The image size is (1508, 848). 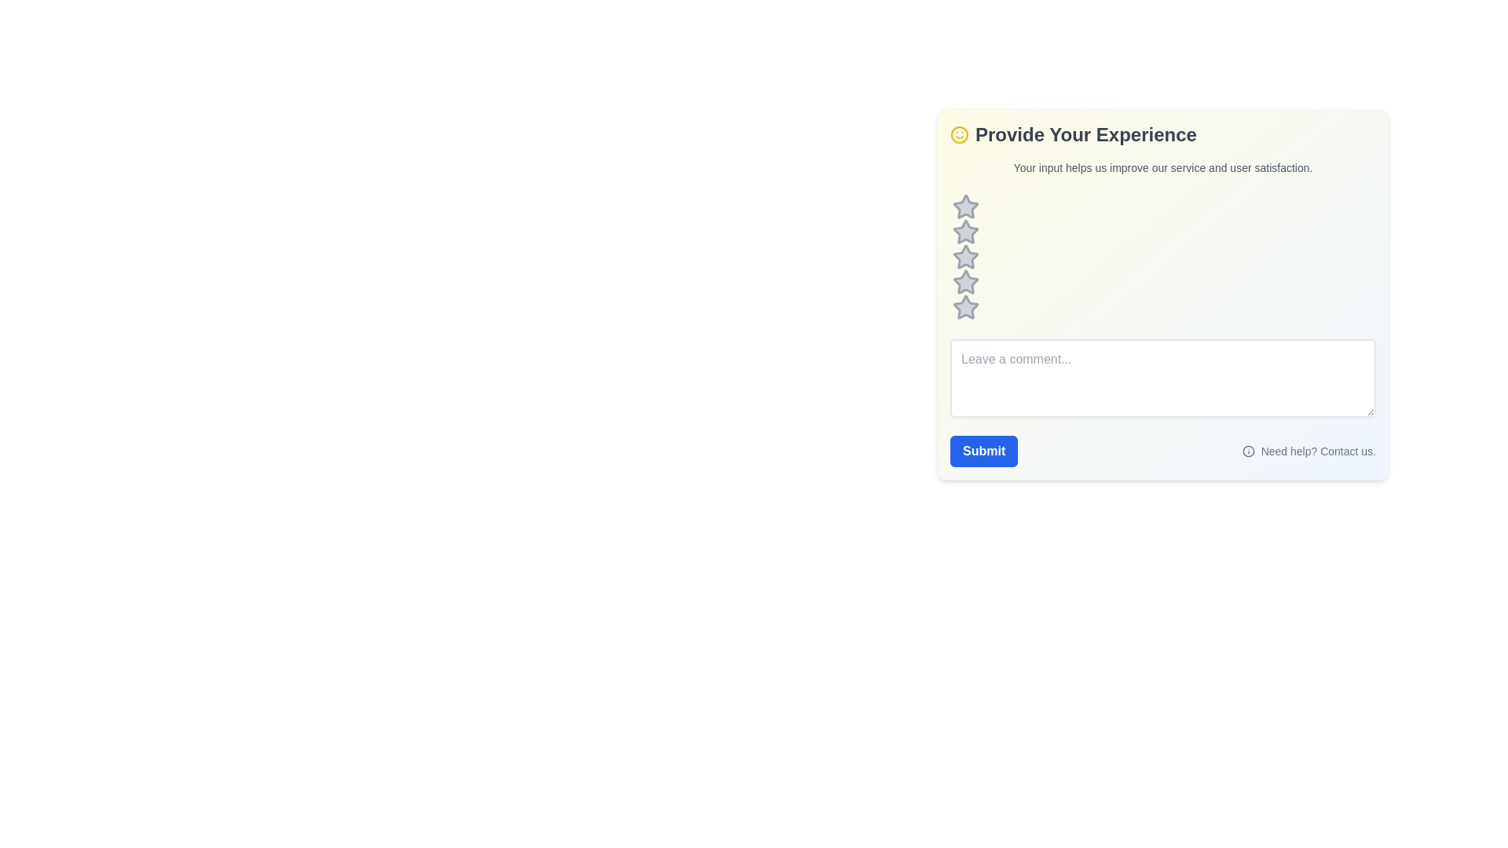 What do you see at coordinates (964, 256) in the screenshot?
I see `the third star-shaped rating icon, which is part of a vertical list of five stars in the feedback form box` at bounding box center [964, 256].